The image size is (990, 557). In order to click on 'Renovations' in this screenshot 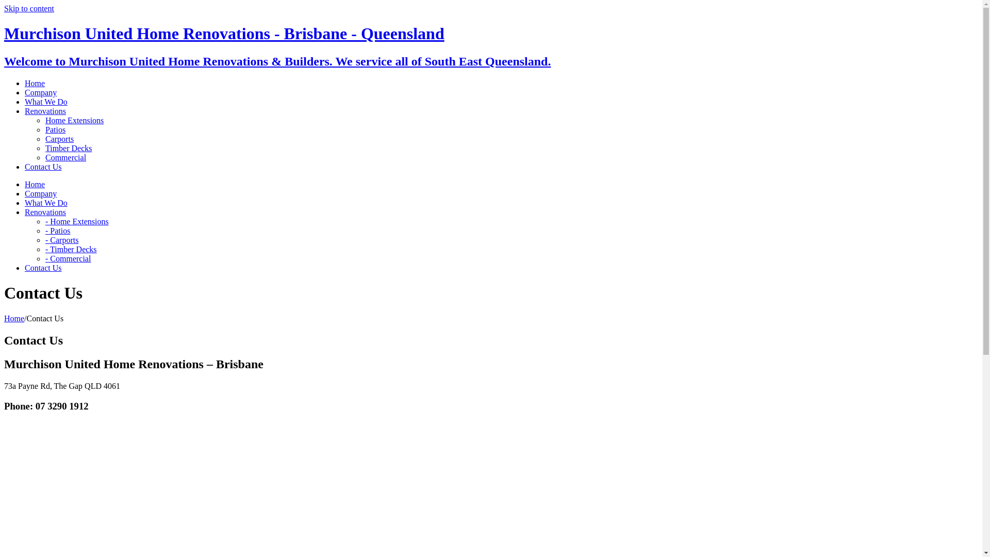, I will do `click(25, 211)`.